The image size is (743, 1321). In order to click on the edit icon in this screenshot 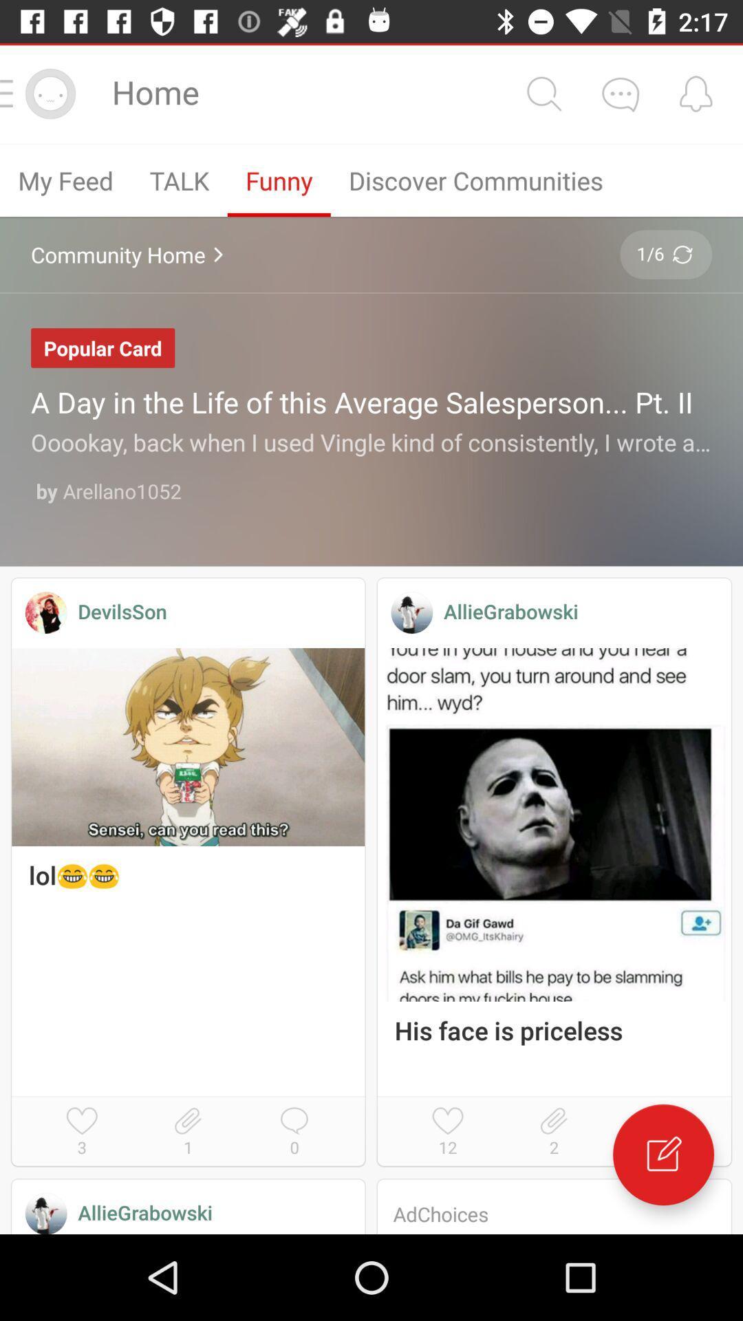, I will do `click(663, 1154)`.